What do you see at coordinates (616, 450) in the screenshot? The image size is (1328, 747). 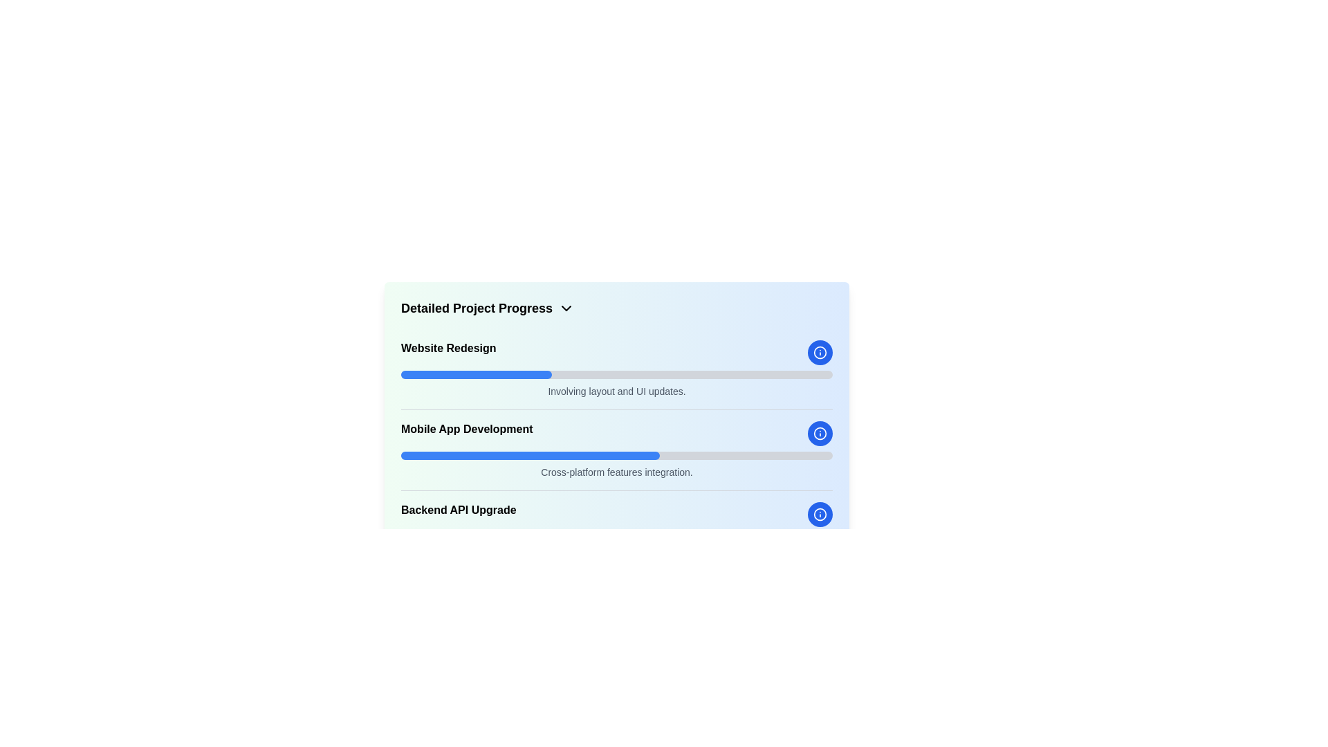 I see `the second row item in the project progress list, which visually represents the progress of the 'Mobile App Development' project` at bounding box center [616, 450].